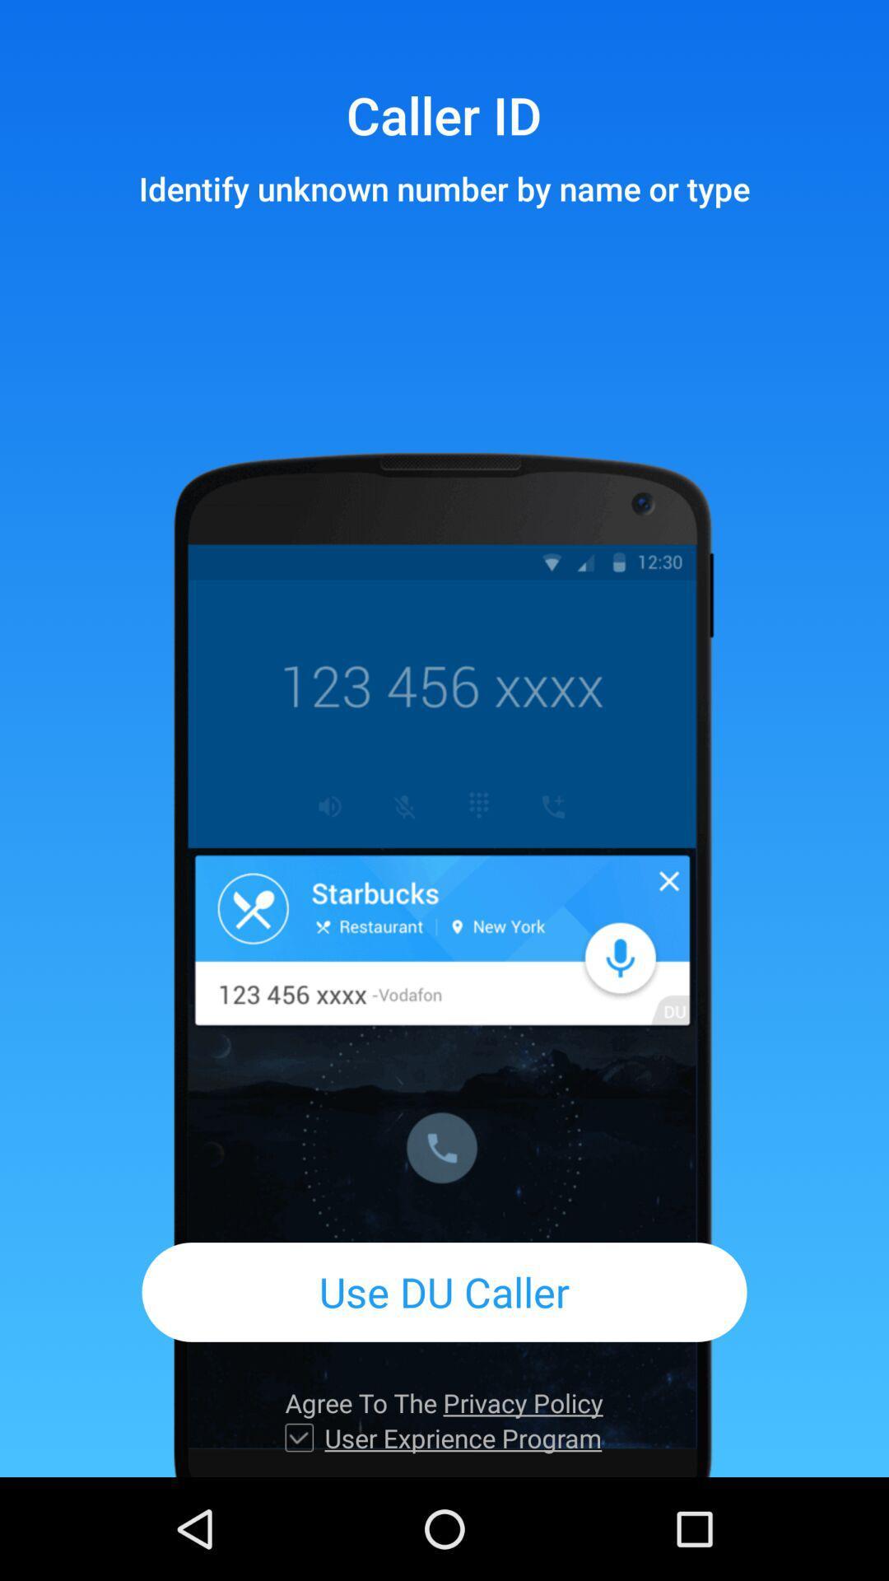  I want to click on the item below use du caller, so click(443, 1401).